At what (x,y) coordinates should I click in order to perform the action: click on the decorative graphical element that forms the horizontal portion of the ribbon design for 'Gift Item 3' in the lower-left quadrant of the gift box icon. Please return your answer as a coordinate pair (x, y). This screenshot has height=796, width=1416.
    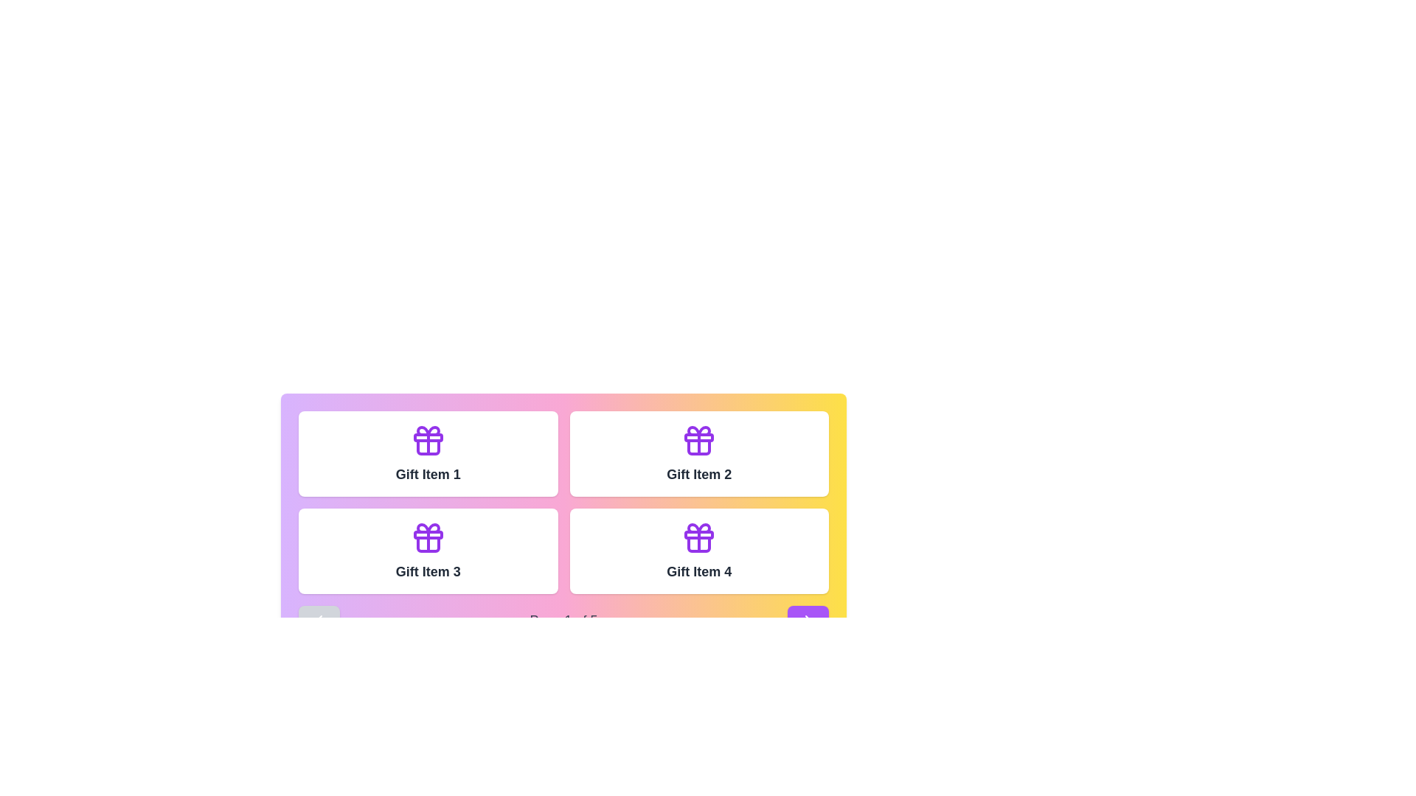
    Looking at the image, I should click on (427, 534).